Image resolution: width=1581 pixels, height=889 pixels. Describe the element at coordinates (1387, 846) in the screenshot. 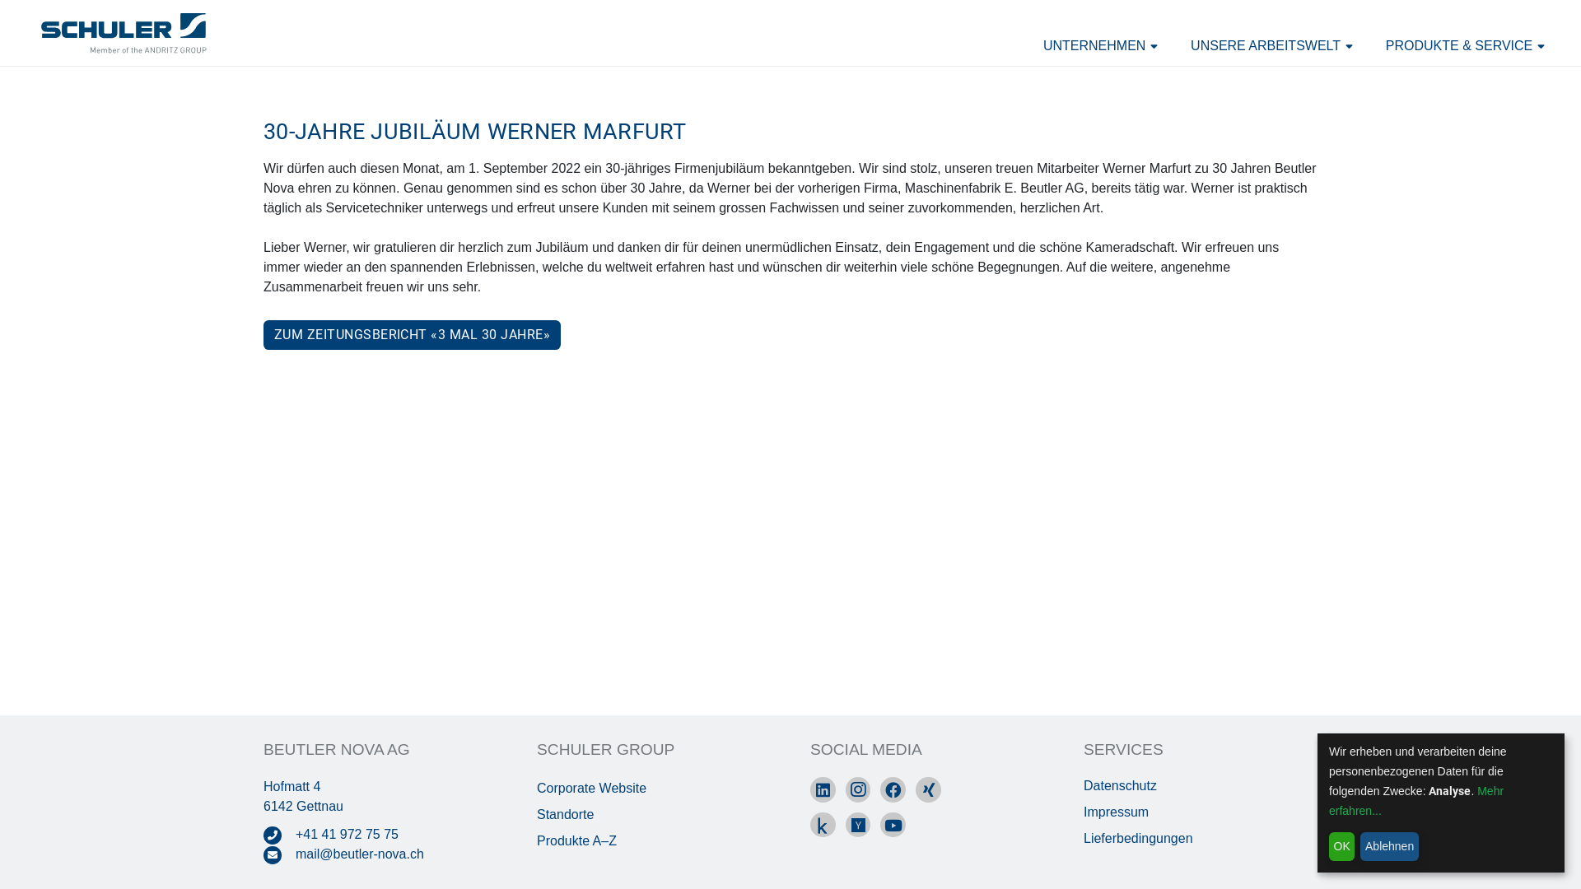

I see `'Ablehnen'` at that location.